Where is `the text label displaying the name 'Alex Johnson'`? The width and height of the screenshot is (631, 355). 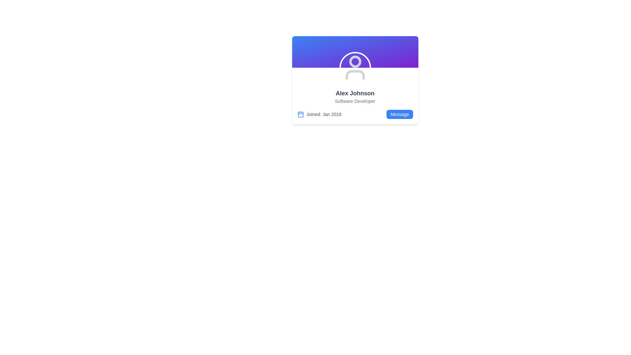 the text label displaying the name 'Alex Johnson' is located at coordinates (355, 93).